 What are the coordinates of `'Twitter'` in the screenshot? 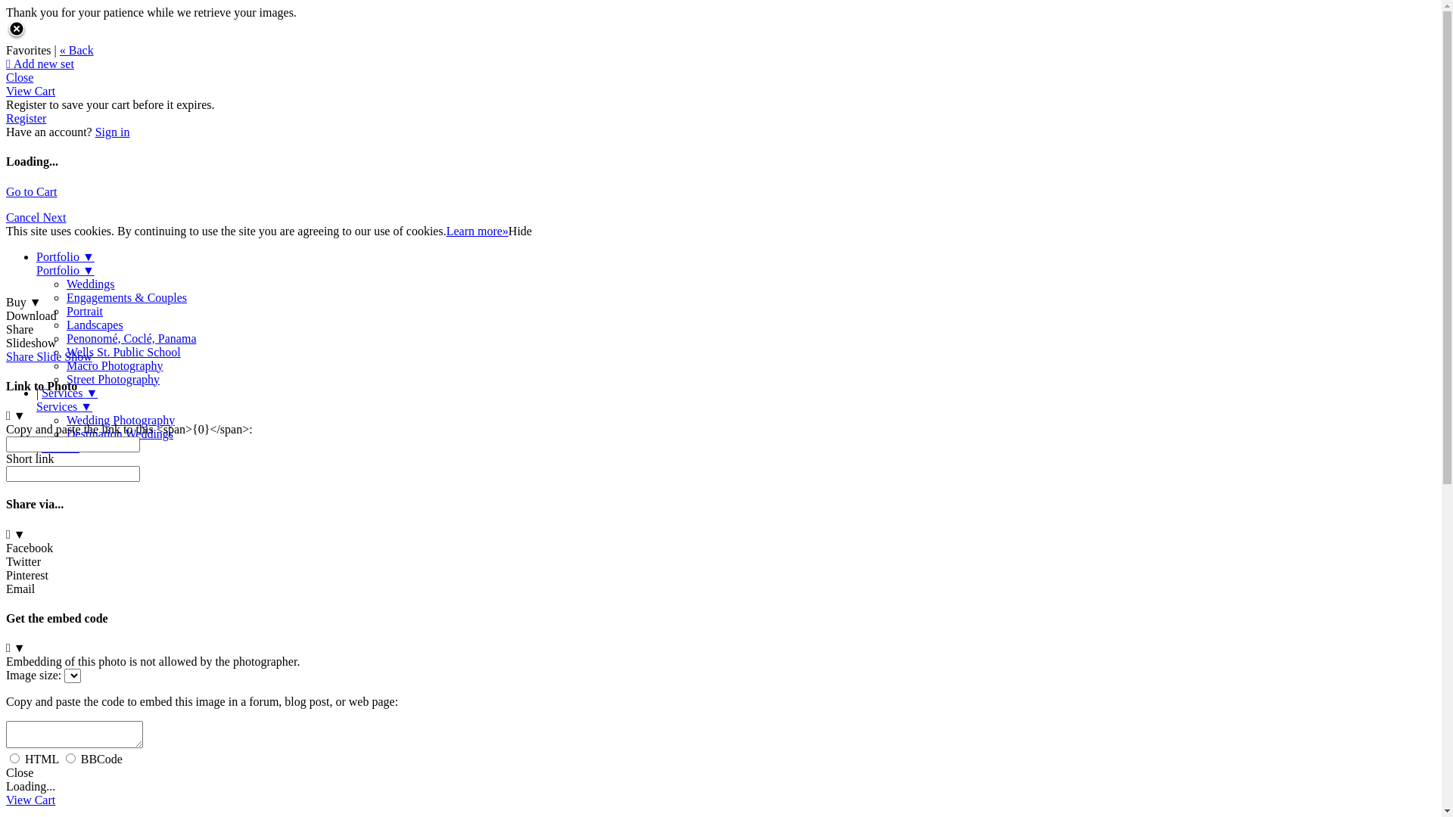 It's located at (6, 568).